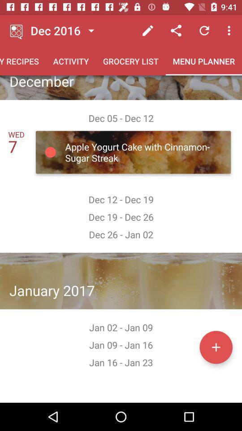  What do you see at coordinates (216, 347) in the screenshot?
I see `button` at bounding box center [216, 347].